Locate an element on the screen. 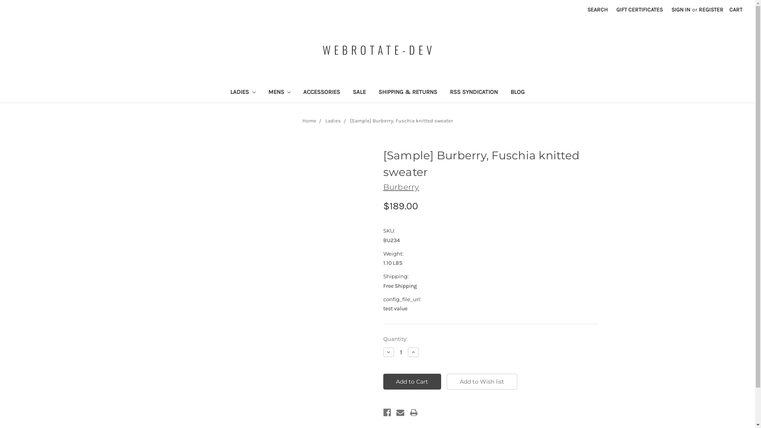 The image size is (761, 428). 'SALE' is located at coordinates (346, 92).